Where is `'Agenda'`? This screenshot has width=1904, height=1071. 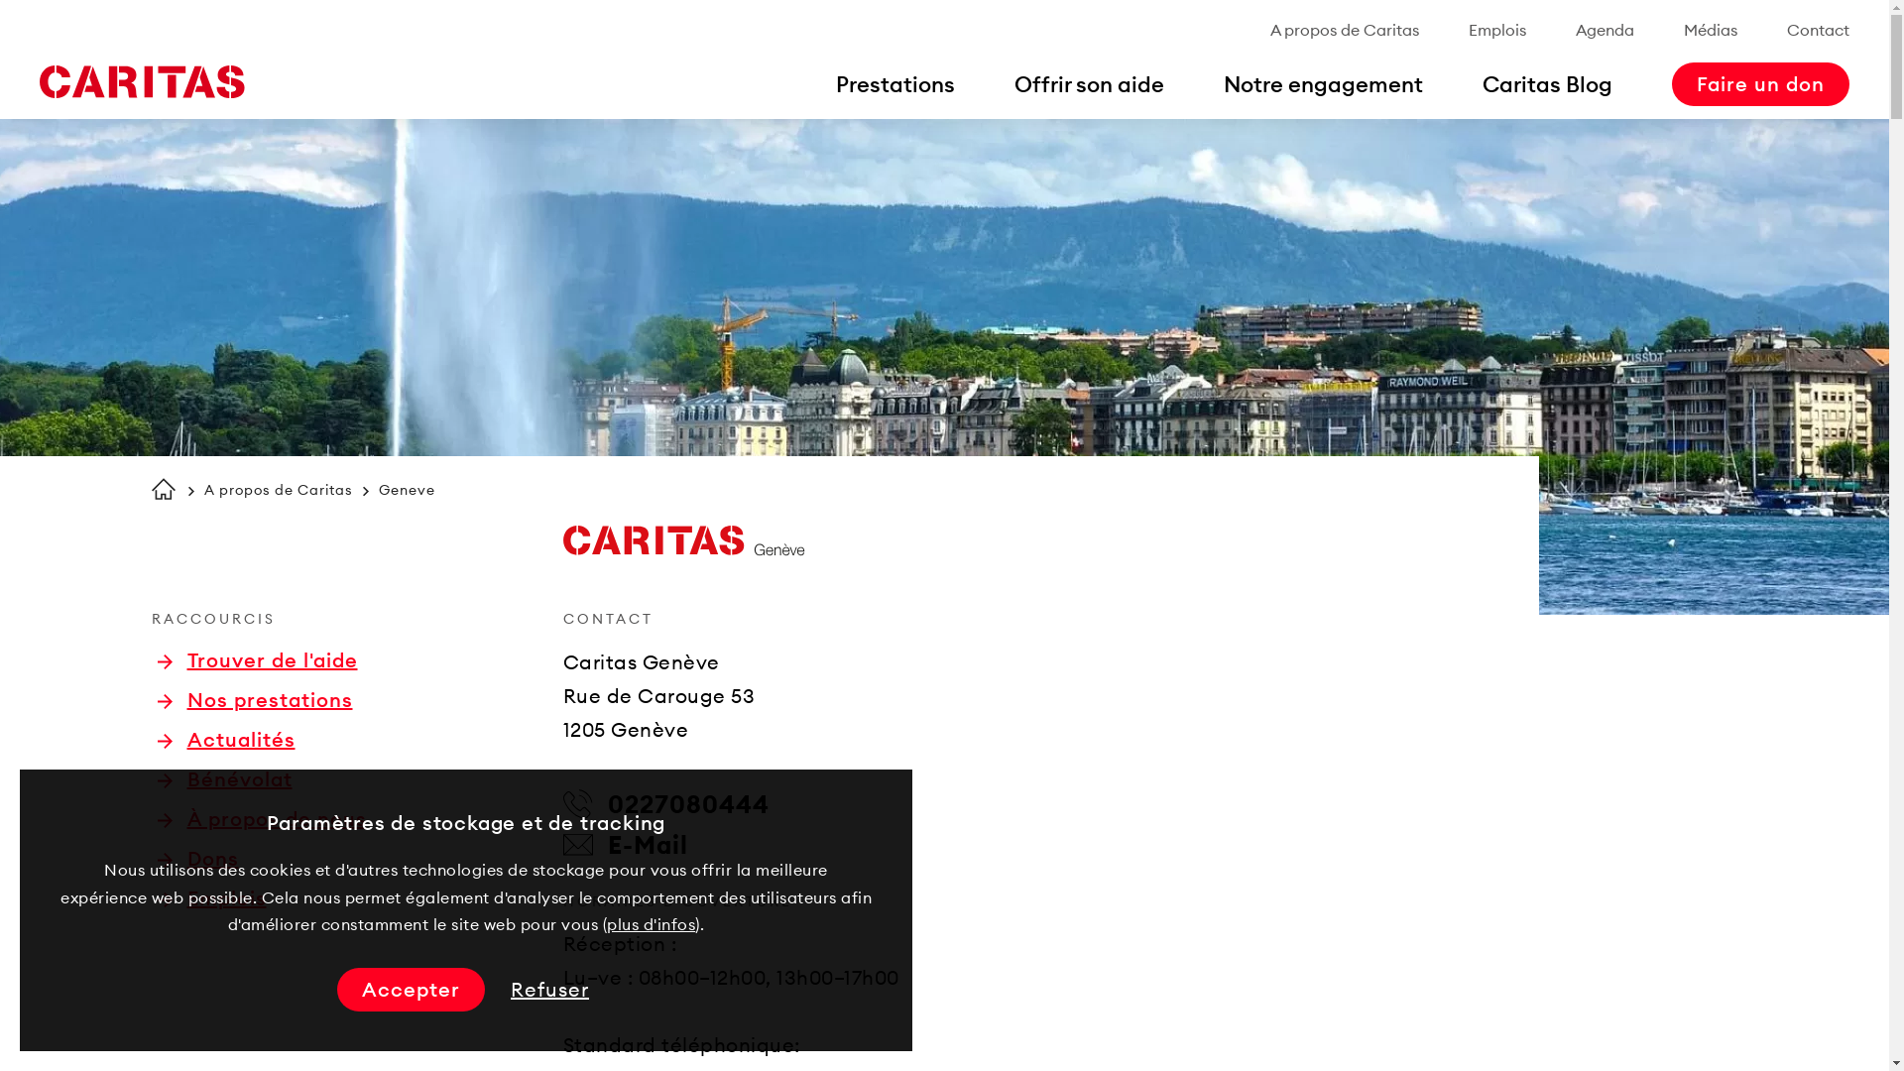
'Agenda' is located at coordinates (1574, 30).